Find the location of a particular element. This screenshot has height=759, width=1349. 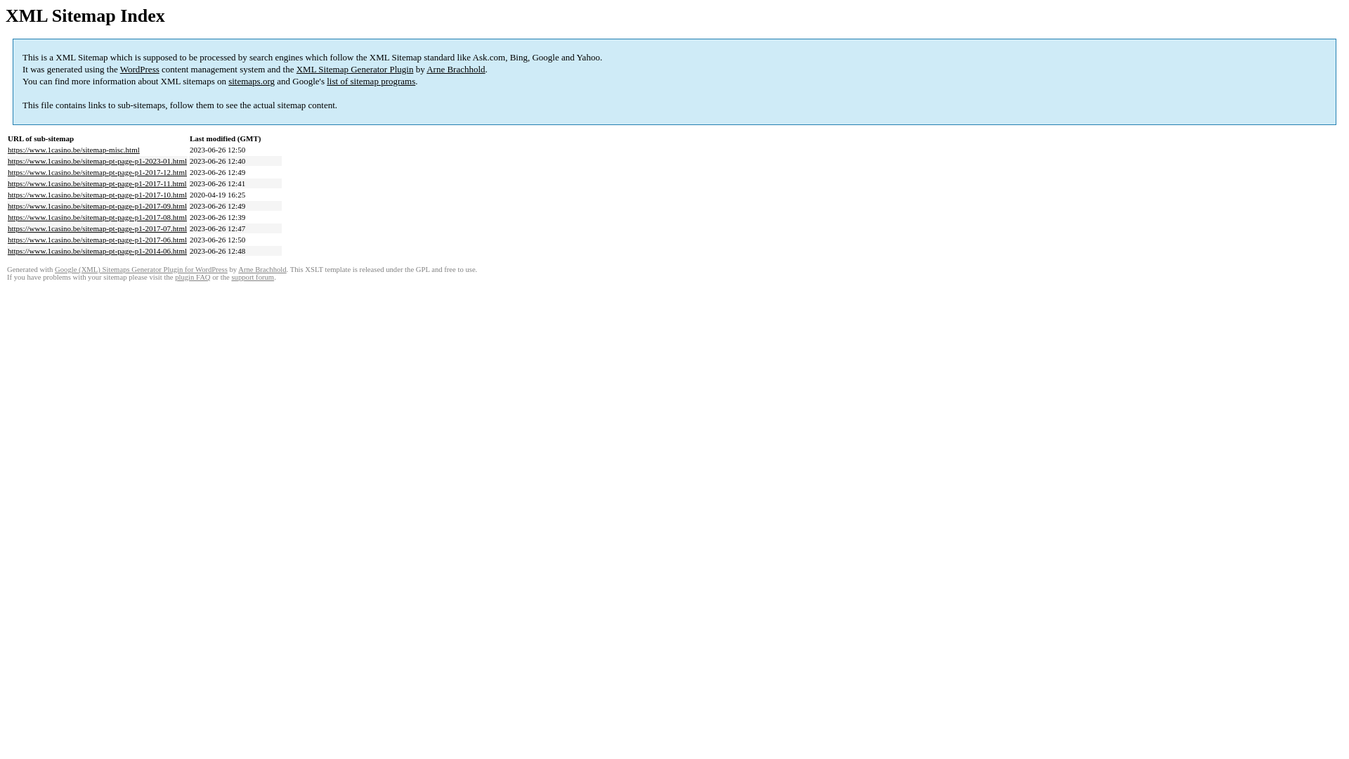

'https://www.1casino.be/sitemap-pt-page-p1-2017-12.html' is located at coordinates (96, 171).